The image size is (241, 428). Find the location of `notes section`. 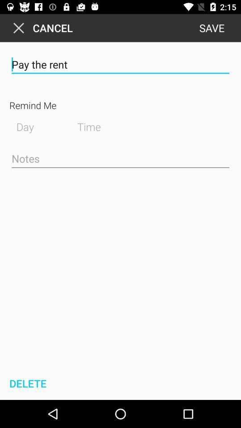

notes section is located at coordinates (120, 159).